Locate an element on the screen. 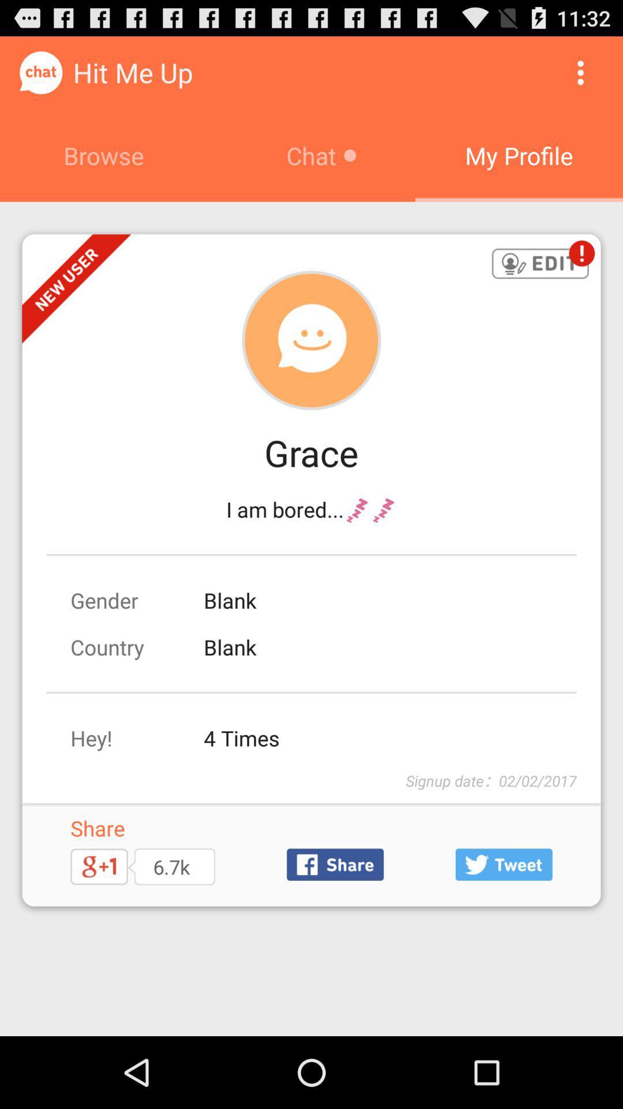 The image size is (623, 1109). the button next to browse button is located at coordinates (580, 72).